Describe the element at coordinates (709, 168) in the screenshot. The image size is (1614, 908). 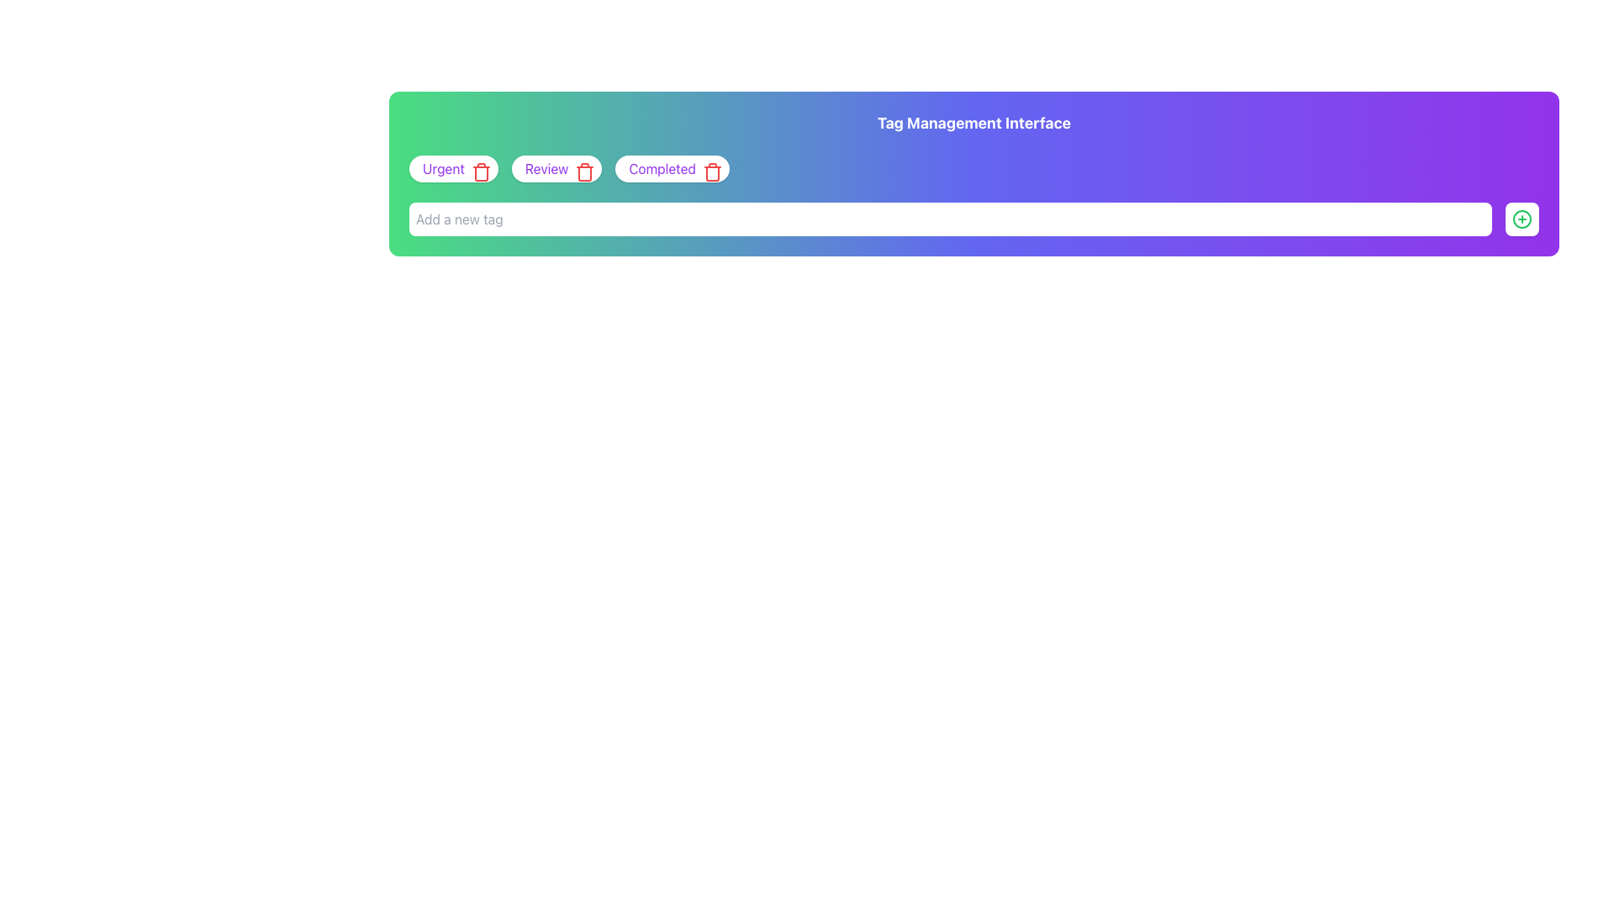
I see `the small trash can icon button, which is light red and located after the 'Completed' label in the button group` at that location.